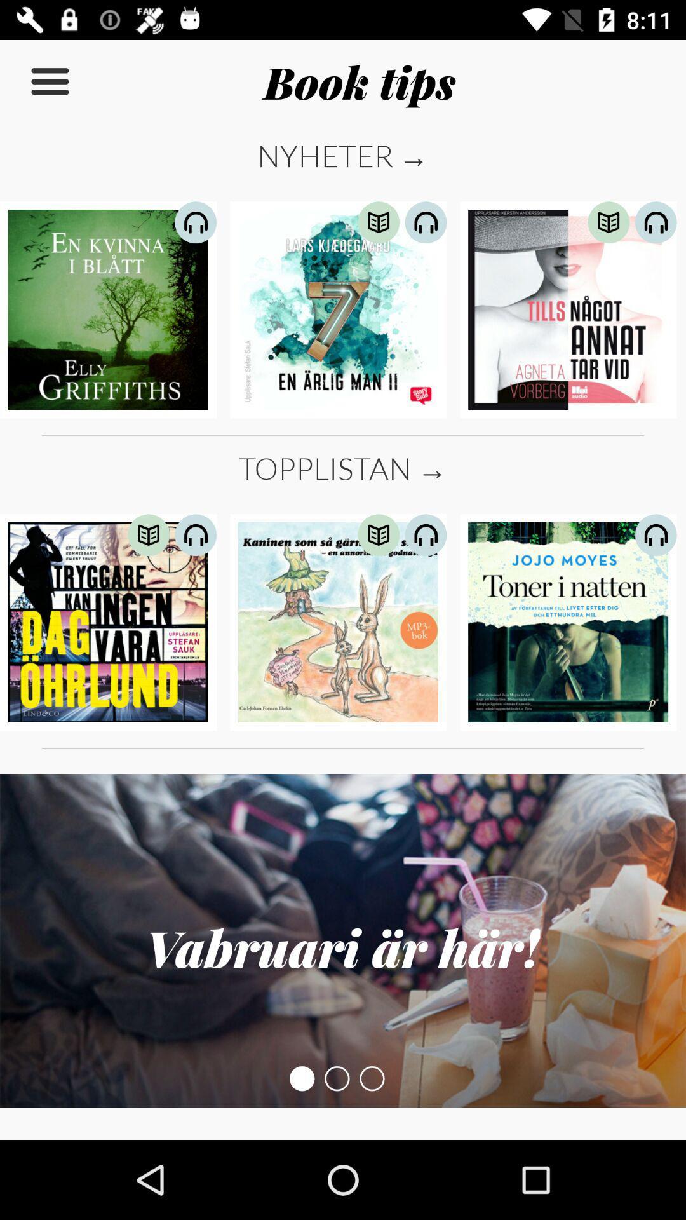  Describe the element at coordinates (49, 81) in the screenshot. I see `the item next to the book tips` at that location.